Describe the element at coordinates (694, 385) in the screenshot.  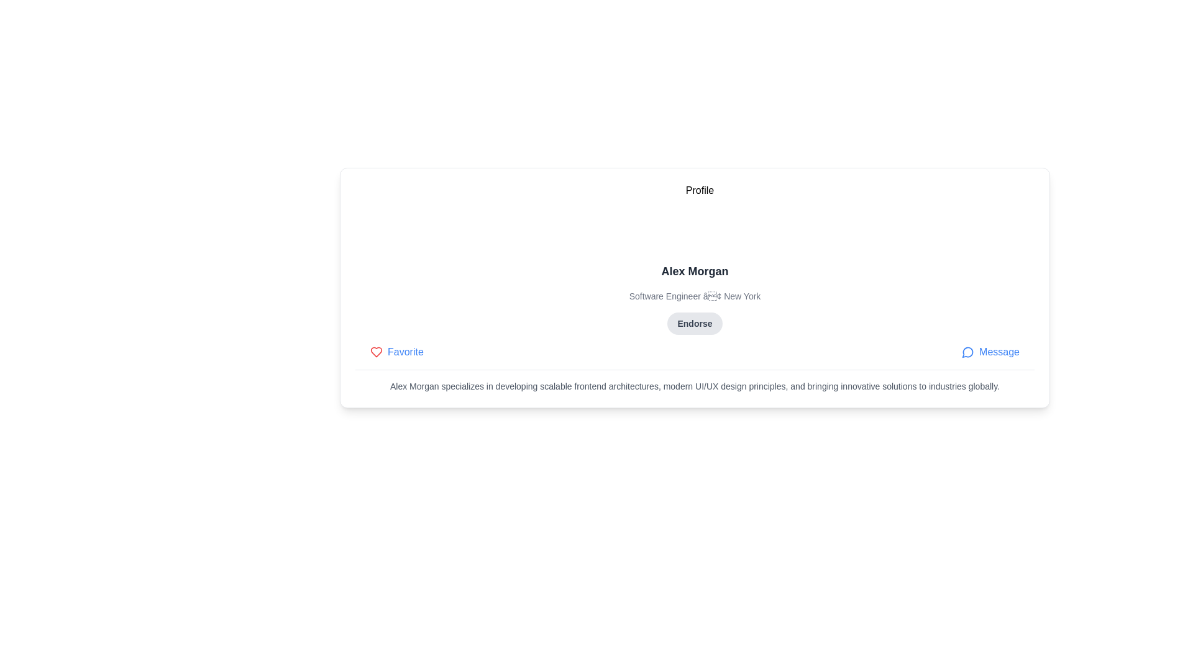
I see `text label providing additional details about Alex Morgan's professional expertise and skills, located at the bottom of the profile card` at that location.